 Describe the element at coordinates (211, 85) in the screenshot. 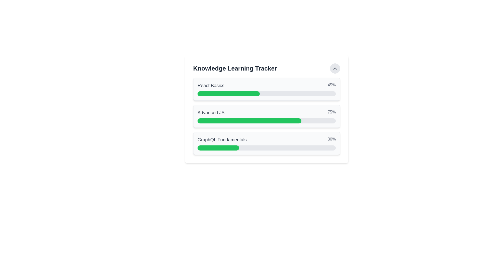

I see `the text label reading 'React Basics', which is styled in a large dark gray font and positioned in the top-left corner of the first row under the 'Knowledge Learning Tracker' title` at that location.